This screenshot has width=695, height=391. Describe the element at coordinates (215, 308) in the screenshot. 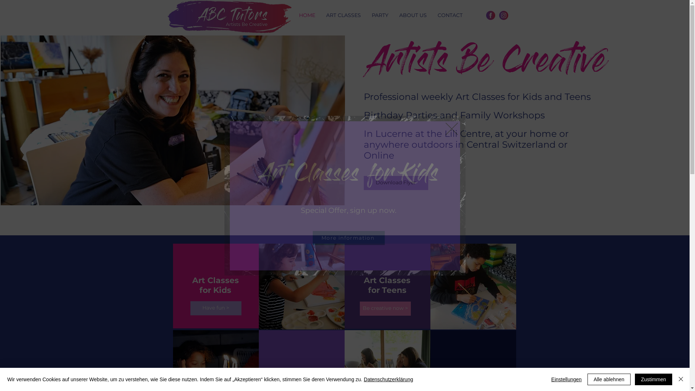

I see `'Have fun >'` at that location.